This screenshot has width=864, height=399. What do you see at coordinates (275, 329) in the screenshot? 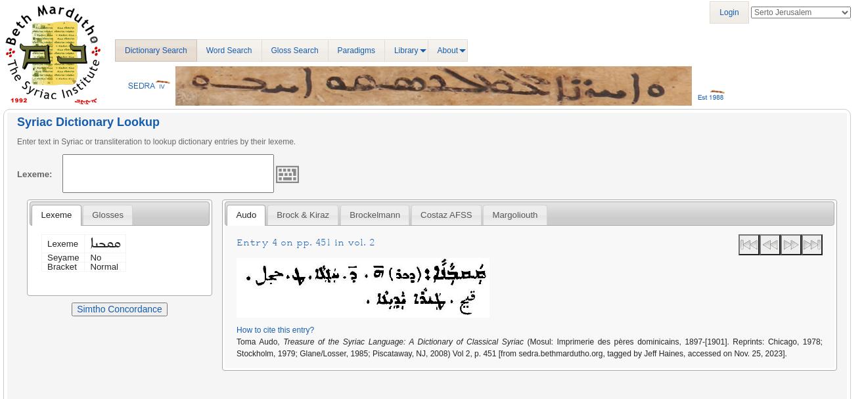
I see `'How to cite this entry?'` at bounding box center [275, 329].